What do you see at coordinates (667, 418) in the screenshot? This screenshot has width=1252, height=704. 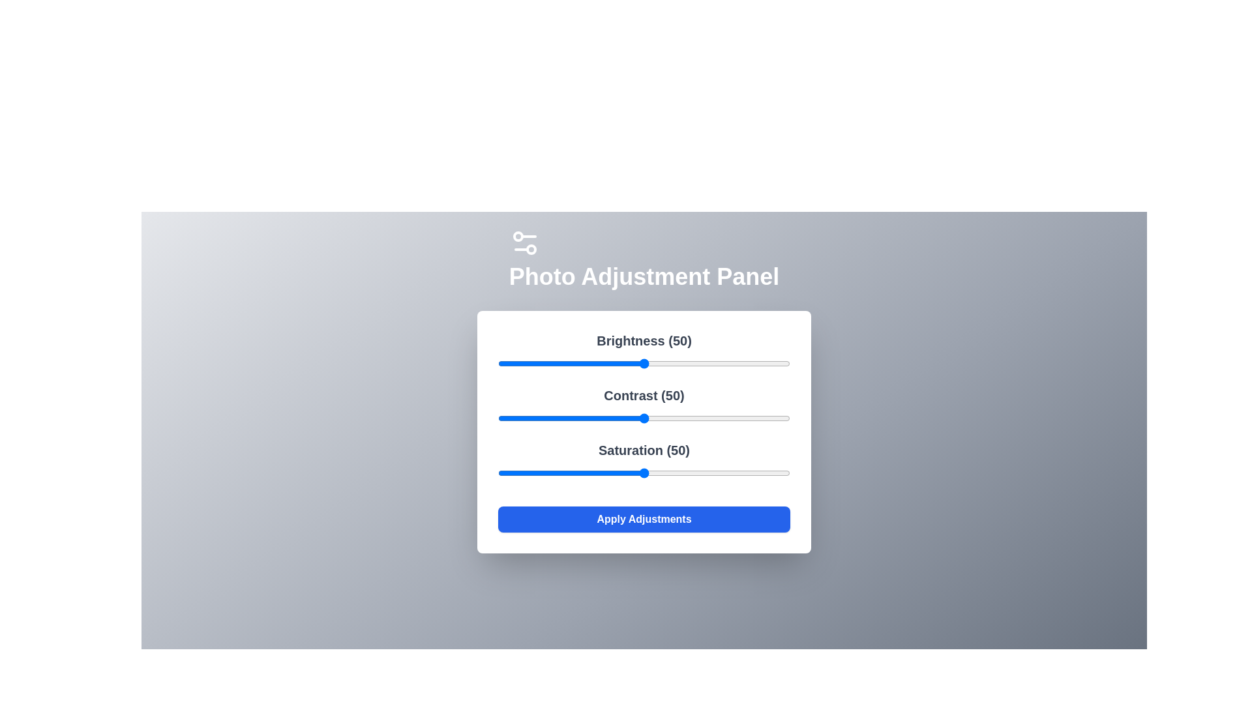 I see `the 1 slider to 58` at bounding box center [667, 418].